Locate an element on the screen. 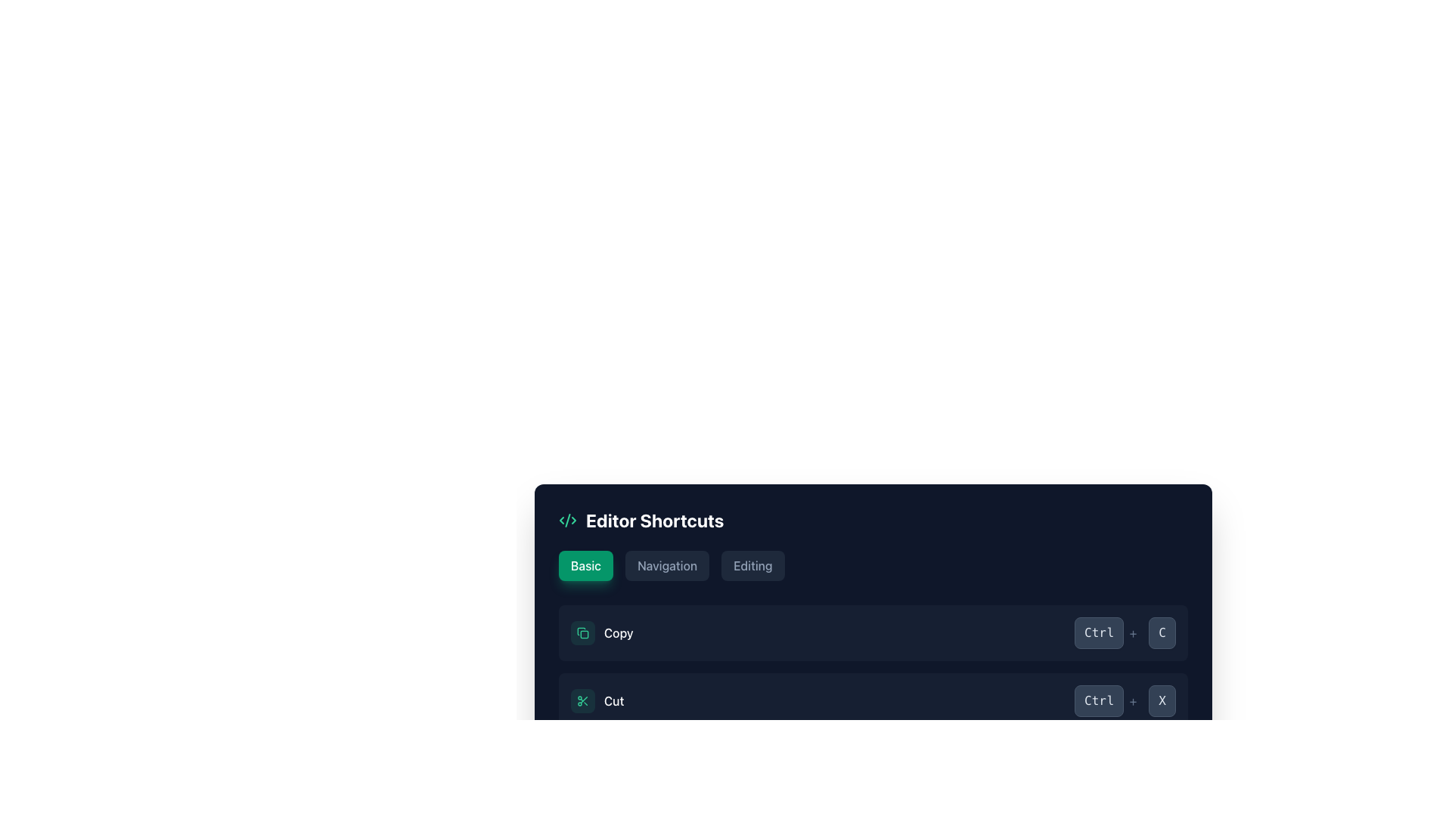 The image size is (1452, 816). the button-like label labeled 'Ctrl' with a dark slate gray background located in the bottom-right portion of the 'Editor Shortcuts' section is located at coordinates (1099, 701).